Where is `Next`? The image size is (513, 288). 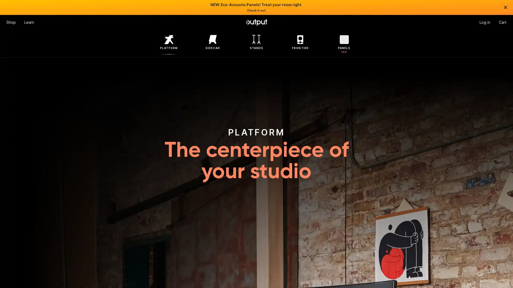 Next is located at coordinates (491, 144).